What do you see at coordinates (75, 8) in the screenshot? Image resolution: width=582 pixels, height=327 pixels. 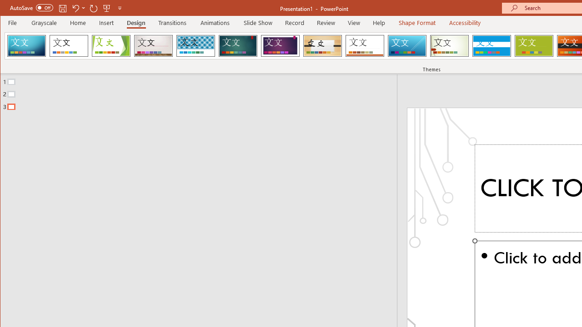 I see `'Undo'` at bounding box center [75, 8].